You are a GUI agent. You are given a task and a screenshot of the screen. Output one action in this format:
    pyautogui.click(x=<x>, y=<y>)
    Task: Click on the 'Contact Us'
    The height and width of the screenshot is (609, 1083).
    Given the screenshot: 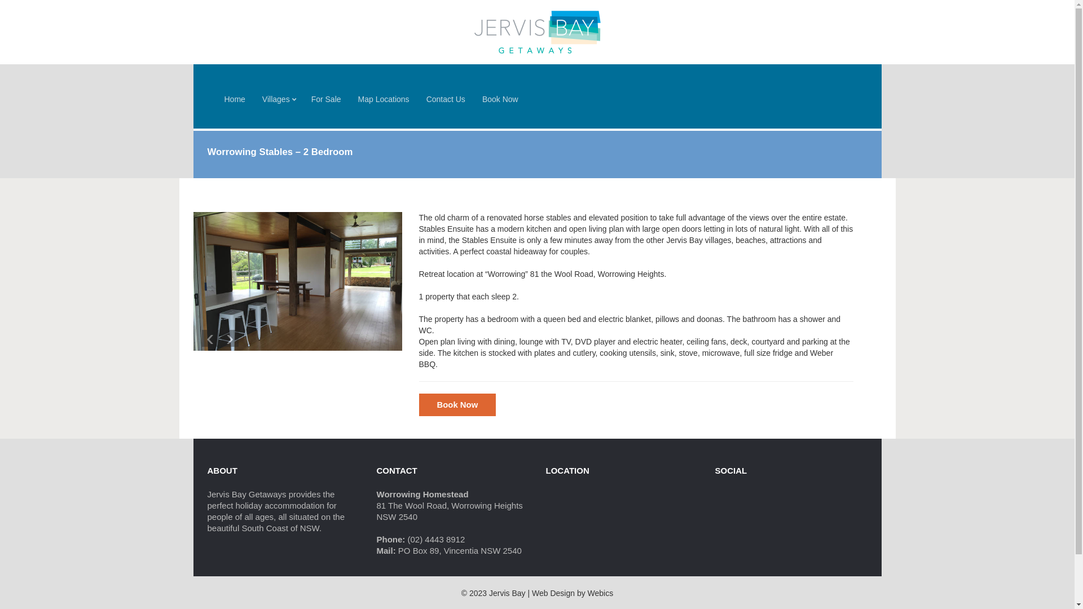 What is the action you would take?
    pyautogui.click(x=425, y=99)
    